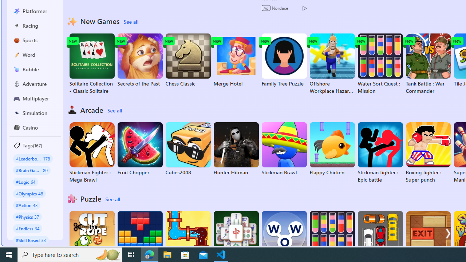 This screenshot has width=466, height=262. I want to click on 'Hunter Hitman', so click(236, 149).